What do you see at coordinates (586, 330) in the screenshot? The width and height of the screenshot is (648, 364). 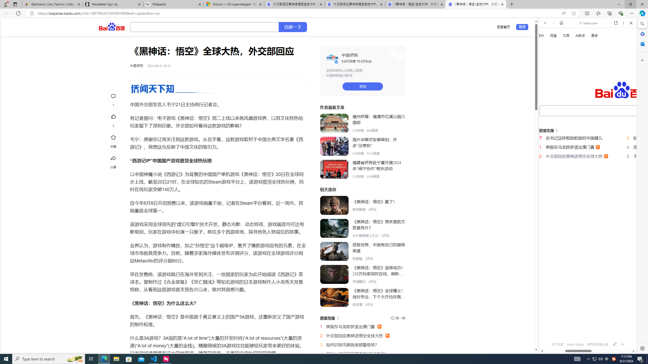 I see `'OFTV'` at bounding box center [586, 330].